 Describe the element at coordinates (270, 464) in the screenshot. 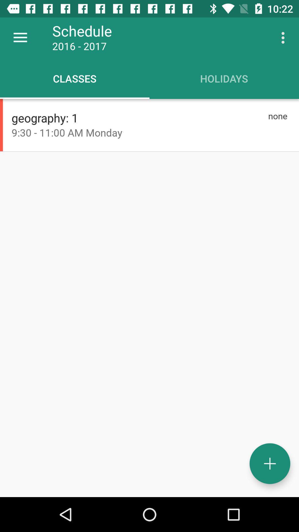

I see `event` at that location.